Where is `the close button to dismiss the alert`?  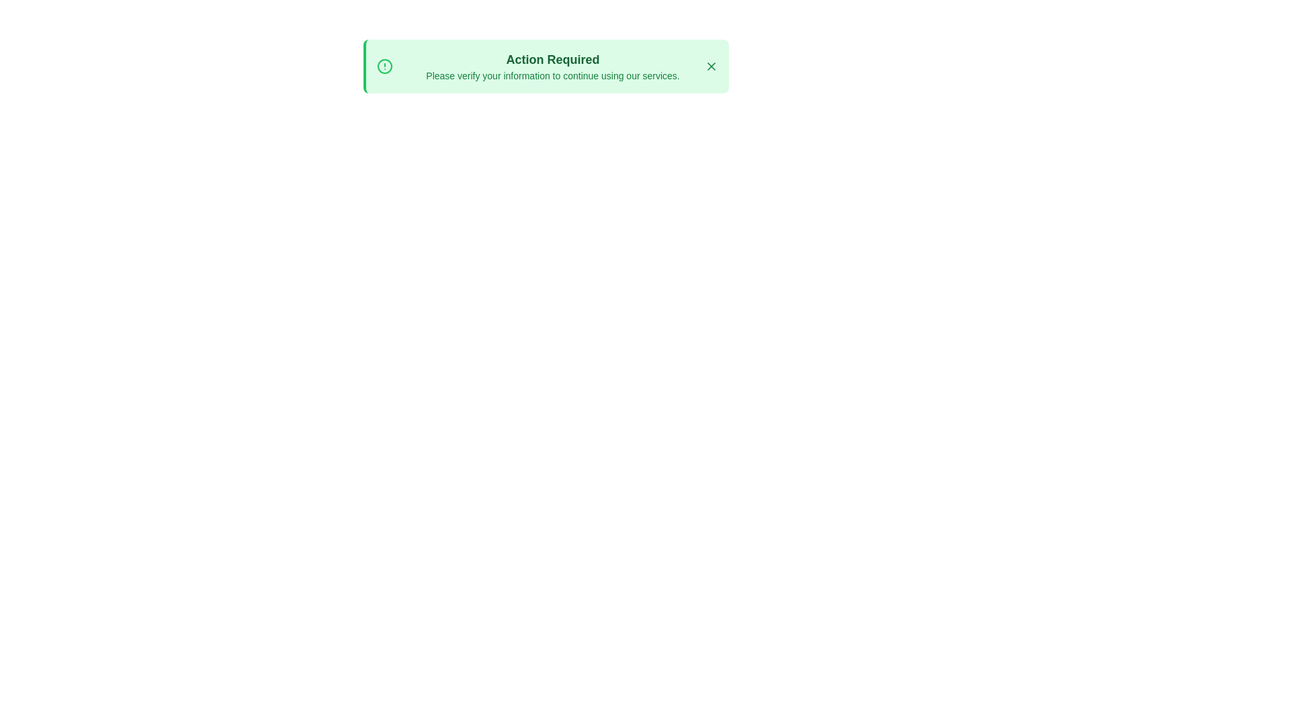 the close button to dismiss the alert is located at coordinates (711, 67).